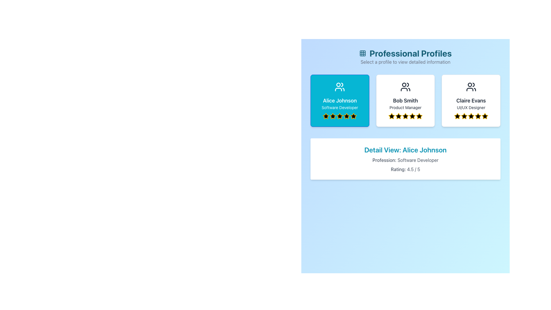  What do you see at coordinates (333, 116) in the screenshot?
I see `the second star icon in the rating system for 'Alice Johnson', which is displayed in black with a yellow border, located in the blue card beneath the job title 'Software Developer'` at bounding box center [333, 116].